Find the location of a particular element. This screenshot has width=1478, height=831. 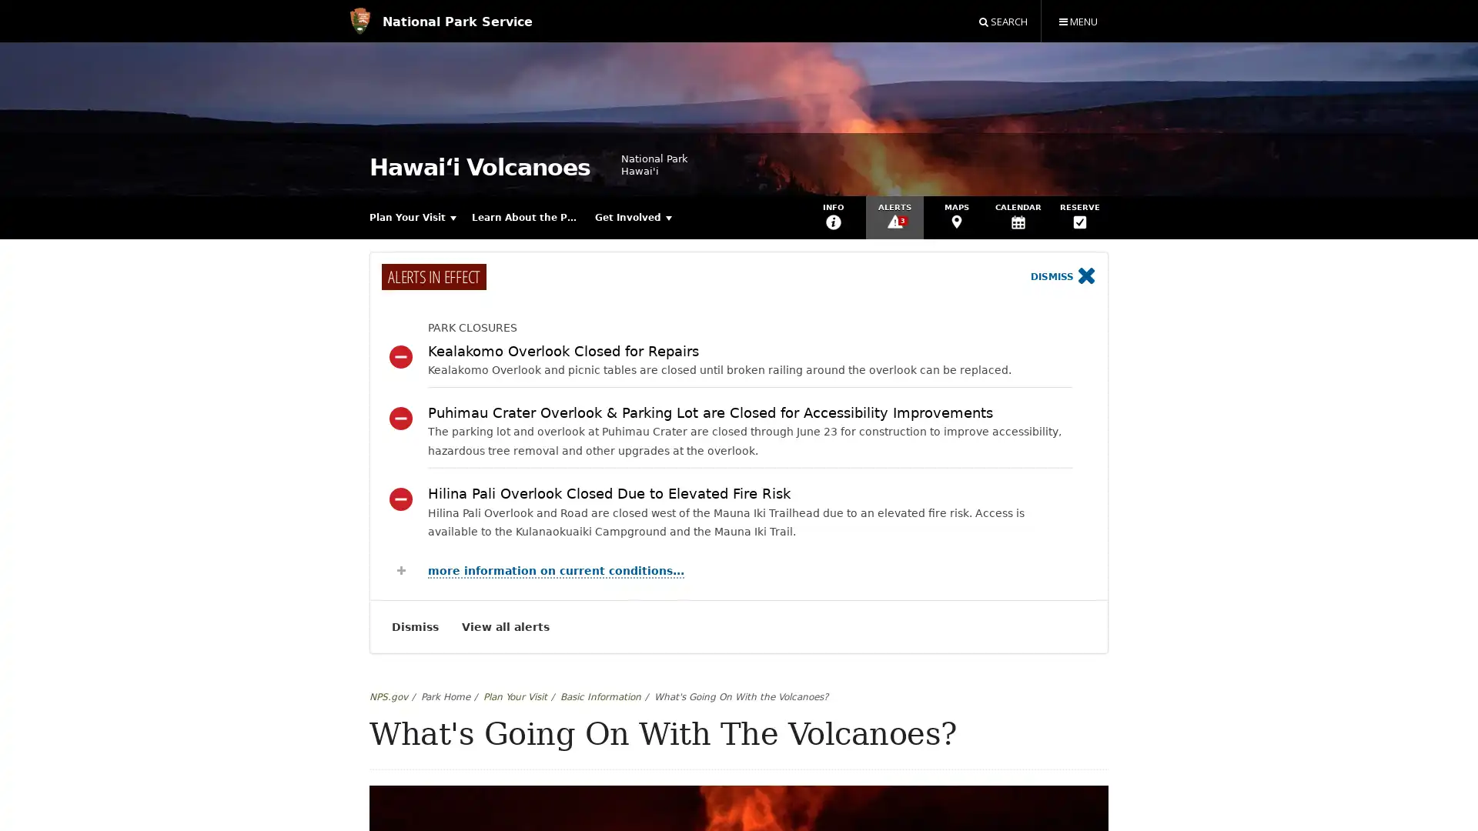

Dismiss Alerts Notification is located at coordinates (415, 626).